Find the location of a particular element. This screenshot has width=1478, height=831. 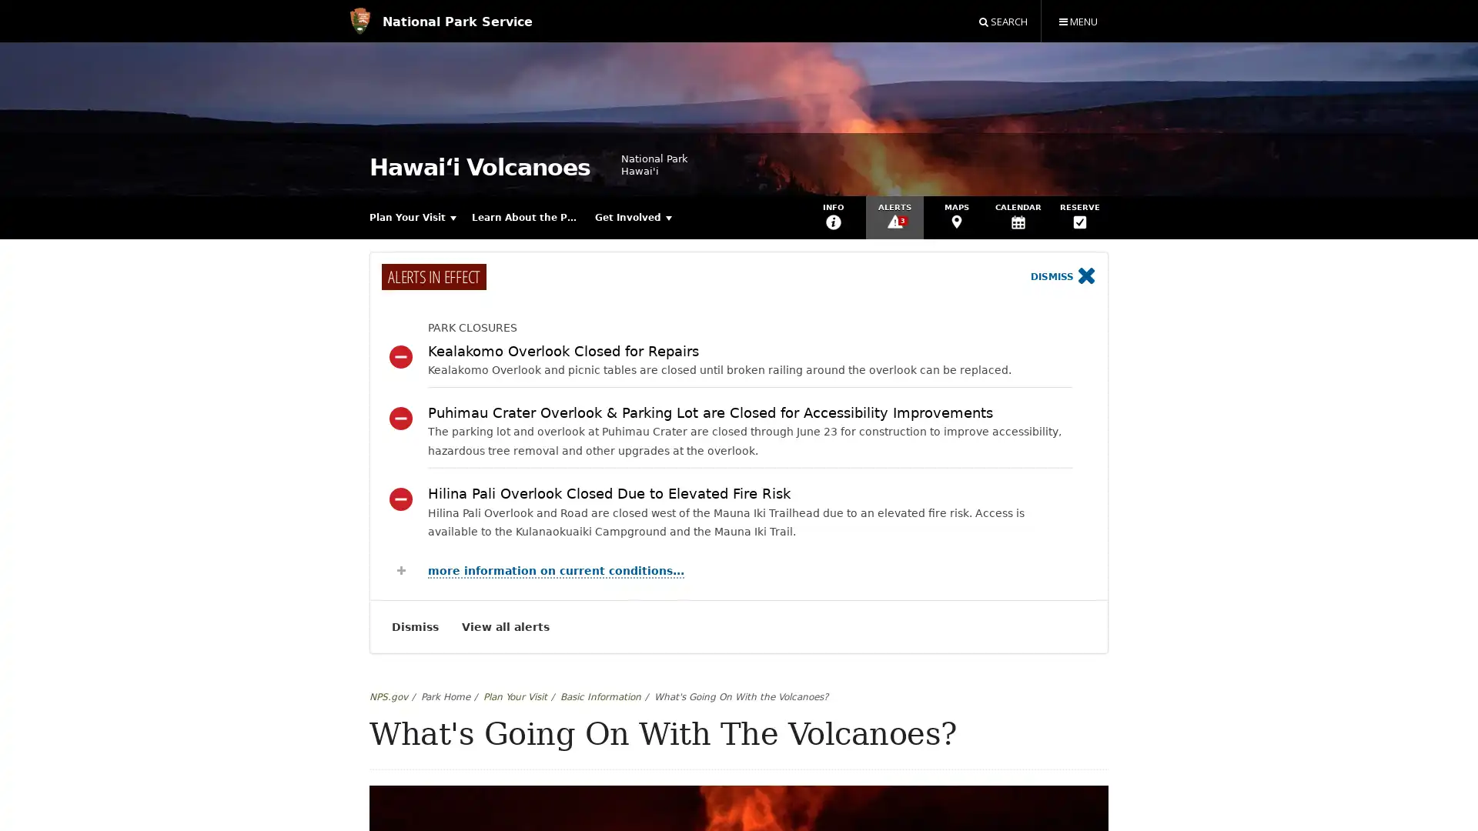

Dismiss Alerts Notification is located at coordinates (415, 626).